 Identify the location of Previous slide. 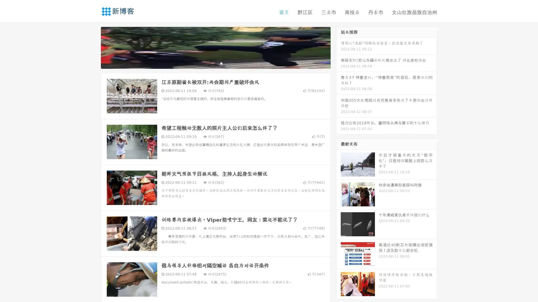
(92, 47).